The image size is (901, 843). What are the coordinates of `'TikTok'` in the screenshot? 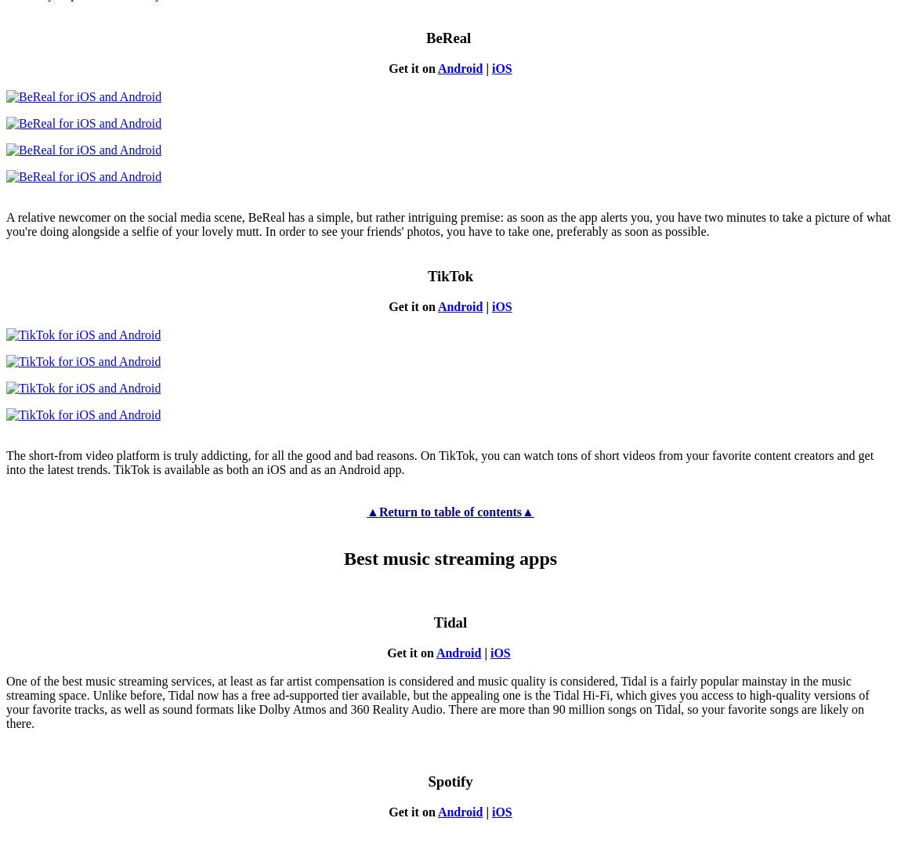 It's located at (450, 275).